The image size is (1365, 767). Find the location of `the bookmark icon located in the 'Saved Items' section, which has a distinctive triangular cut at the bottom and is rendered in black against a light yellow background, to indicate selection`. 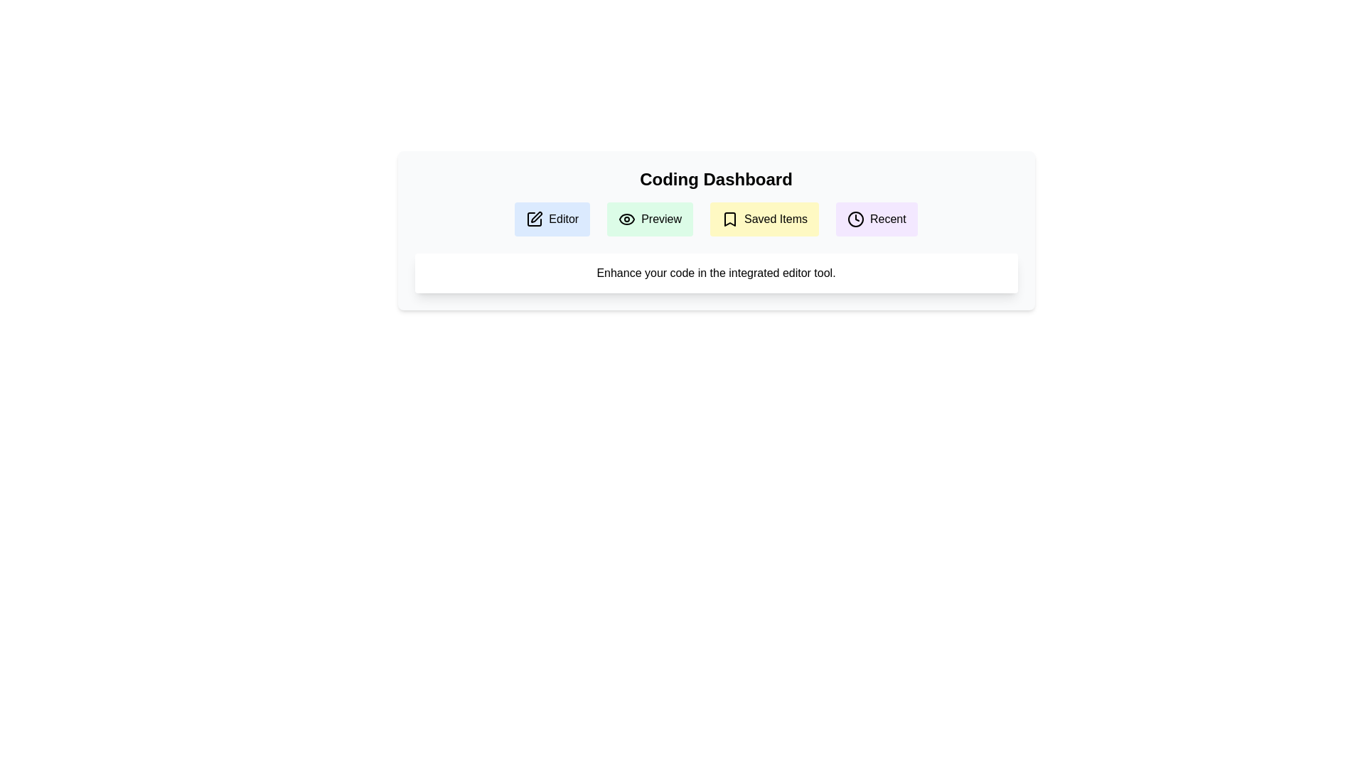

the bookmark icon located in the 'Saved Items' section, which has a distinctive triangular cut at the bottom and is rendered in black against a light yellow background, to indicate selection is located at coordinates (730, 219).